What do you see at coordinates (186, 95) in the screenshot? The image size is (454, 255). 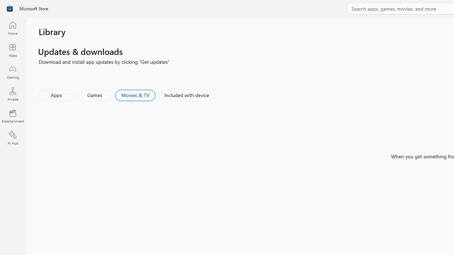 I see `'Included with device'` at bounding box center [186, 95].